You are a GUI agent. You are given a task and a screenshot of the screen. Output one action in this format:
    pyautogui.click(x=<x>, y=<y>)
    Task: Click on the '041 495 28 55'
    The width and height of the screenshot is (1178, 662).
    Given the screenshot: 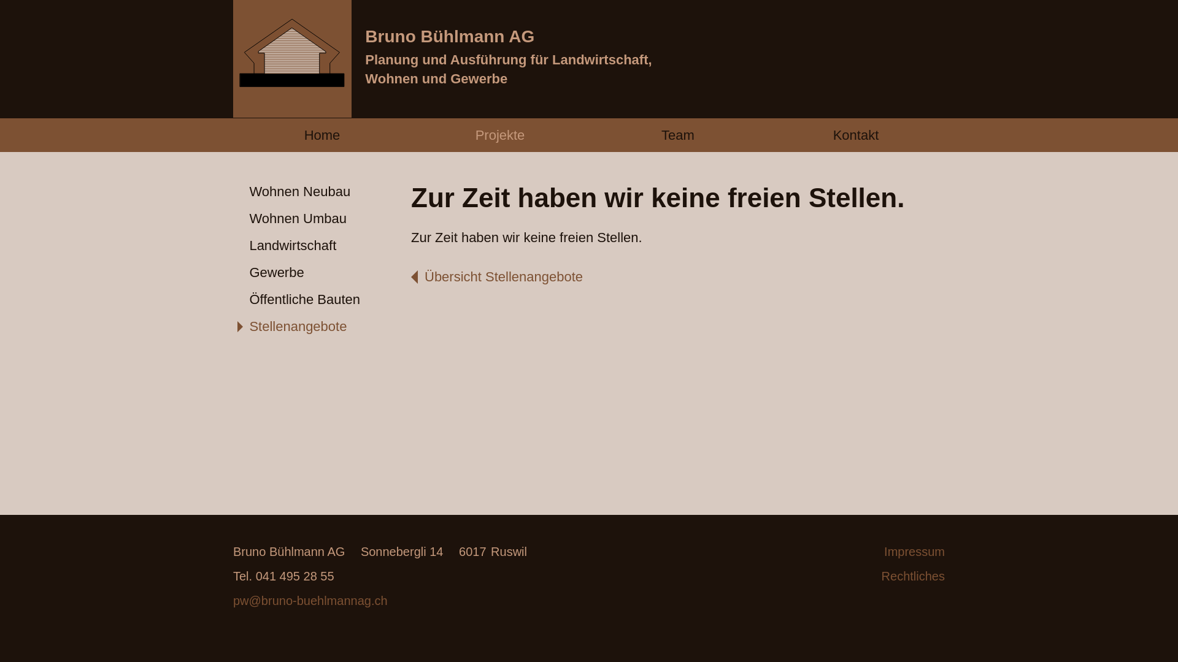 What is the action you would take?
    pyautogui.click(x=283, y=576)
    